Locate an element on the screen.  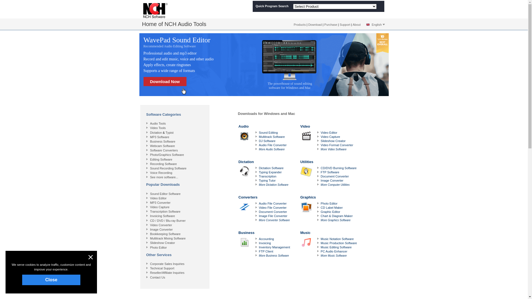
'Purchase' is located at coordinates (324, 24).